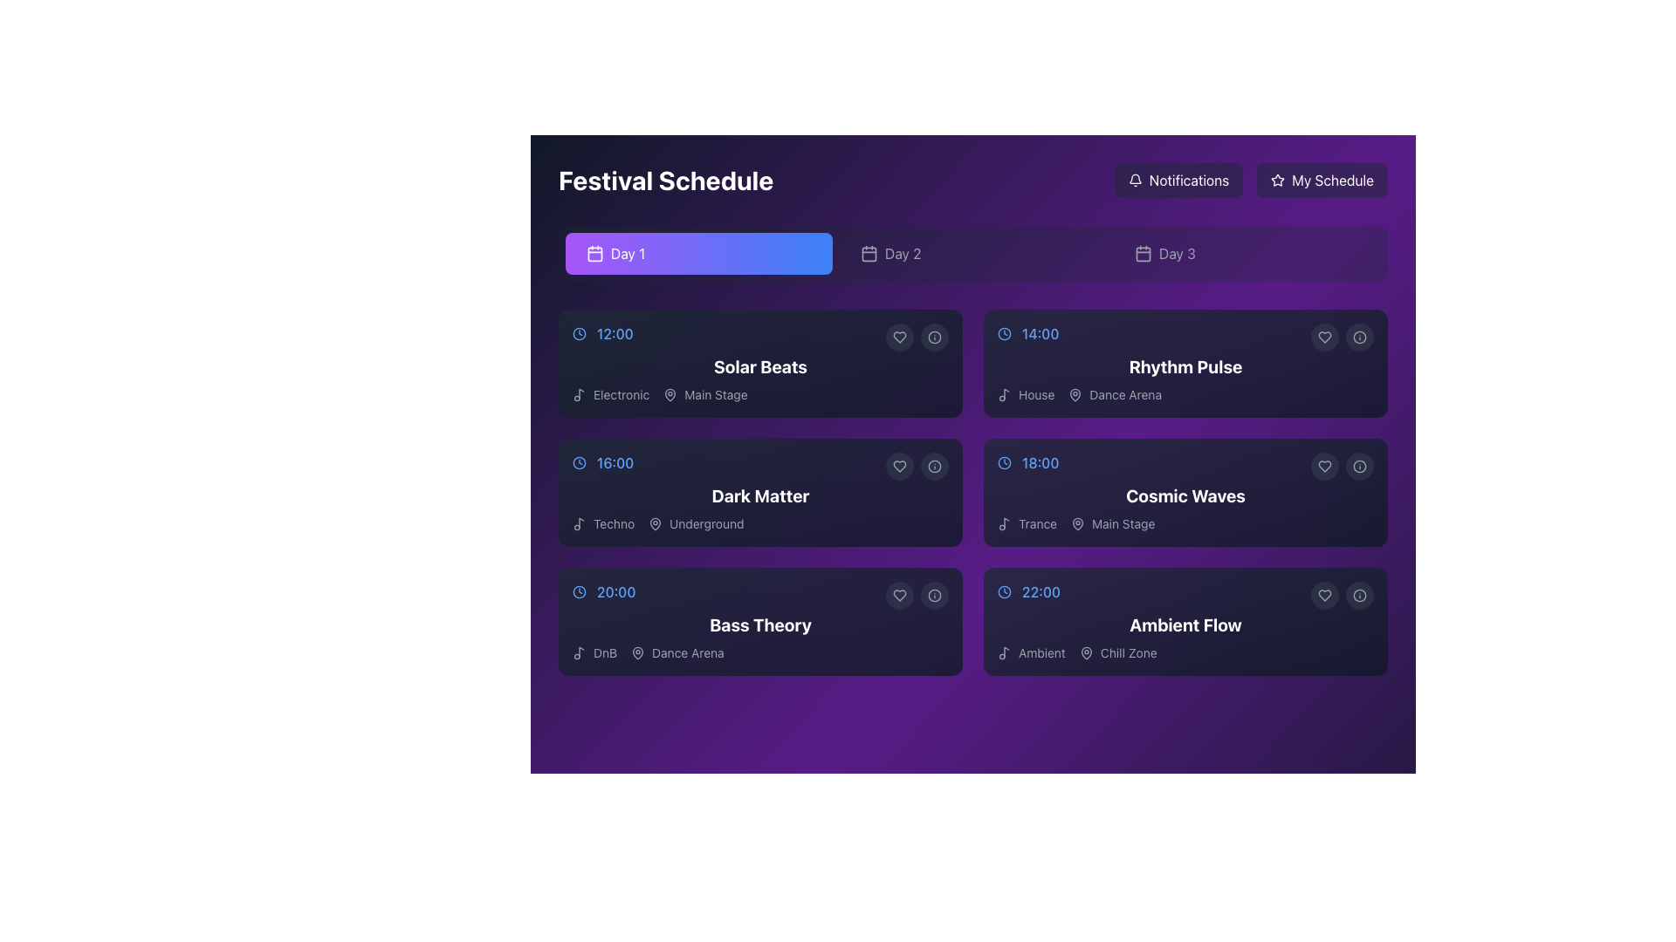  Describe the element at coordinates (594, 253) in the screenshot. I see `the calendar icon representing the date selection interface for Day 1, which is styled with a purple and blue gradient background and is positioned inside the 'Day 1' button` at that location.